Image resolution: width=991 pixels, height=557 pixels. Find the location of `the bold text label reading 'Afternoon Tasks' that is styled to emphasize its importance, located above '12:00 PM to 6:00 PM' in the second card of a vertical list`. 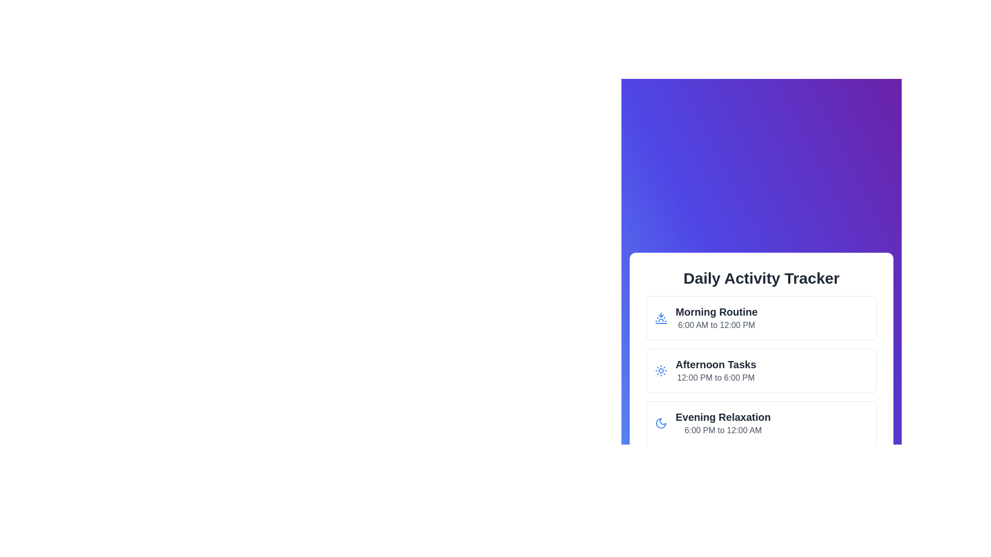

the bold text label reading 'Afternoon Tasks' that is styled to emphasize its importance, located above '12:00 PM to 6:00 PM' in the second card of a vertical list is located at coordinates (715, 364).